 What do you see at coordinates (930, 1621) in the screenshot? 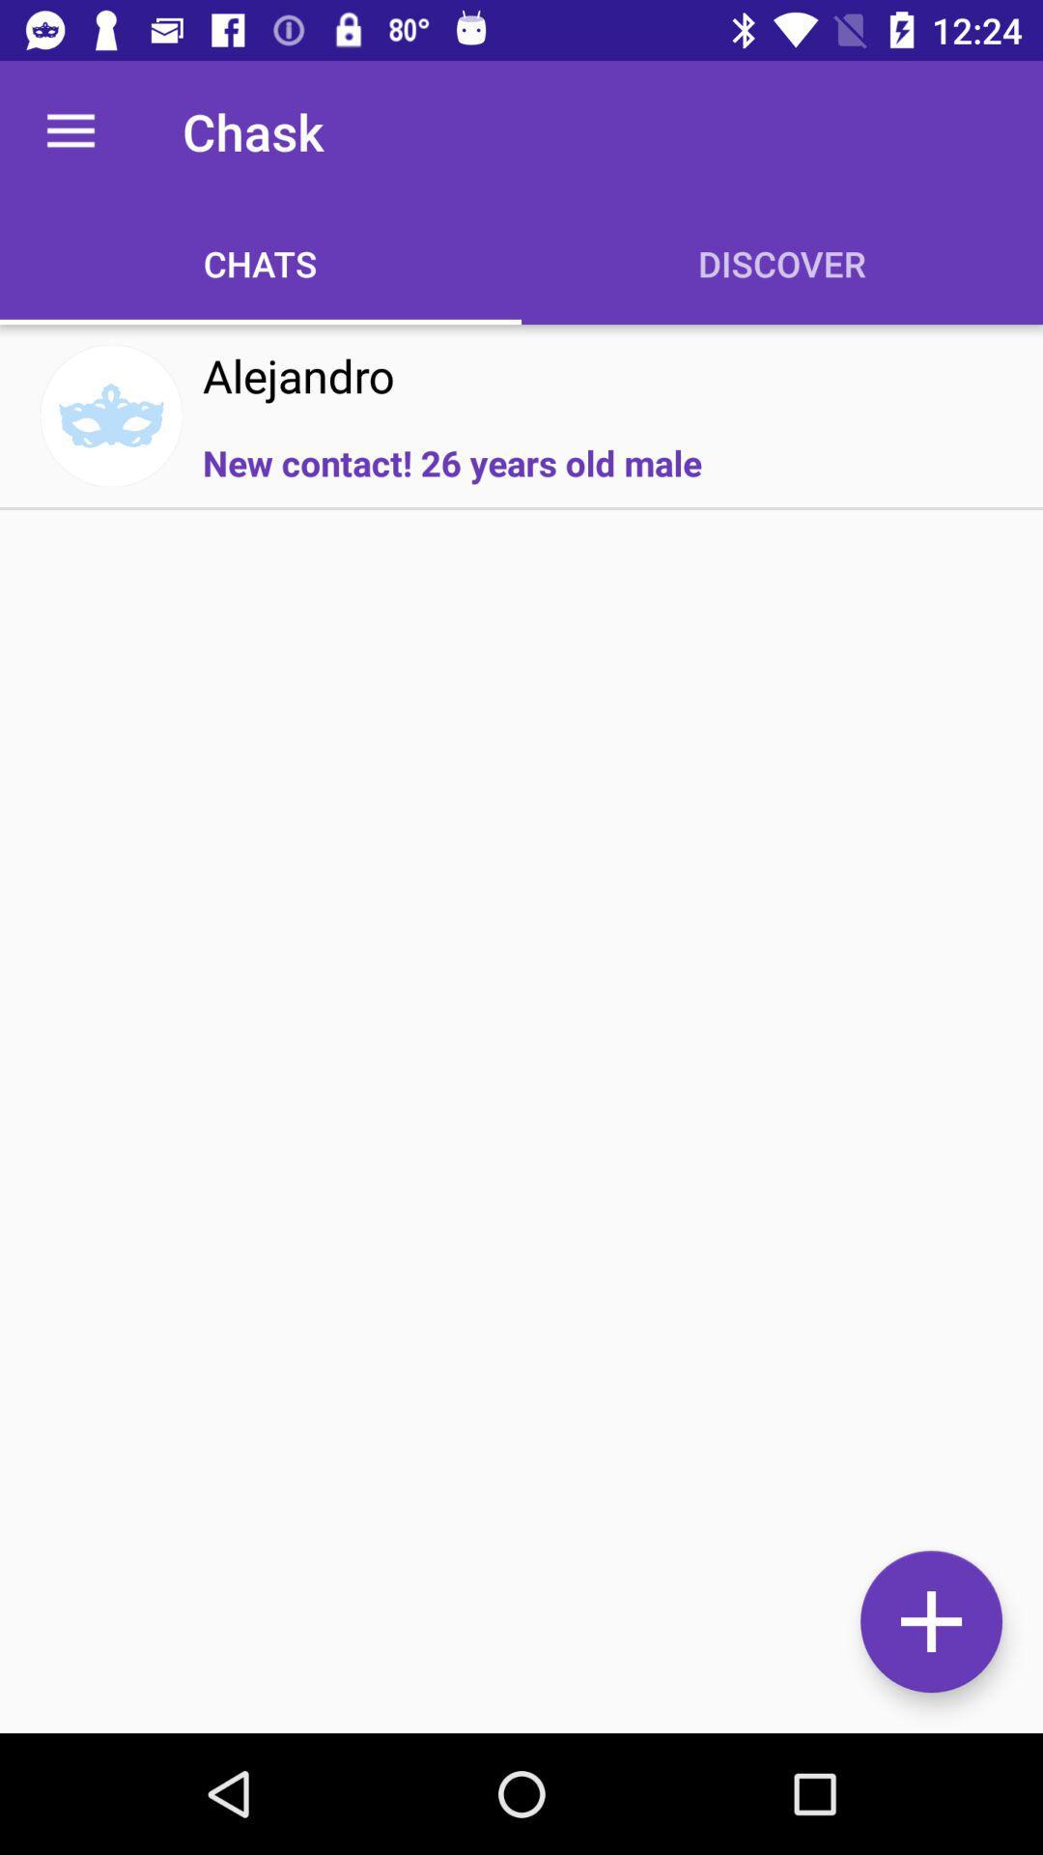
I see `a contact` at bounding box center [930, 1621].